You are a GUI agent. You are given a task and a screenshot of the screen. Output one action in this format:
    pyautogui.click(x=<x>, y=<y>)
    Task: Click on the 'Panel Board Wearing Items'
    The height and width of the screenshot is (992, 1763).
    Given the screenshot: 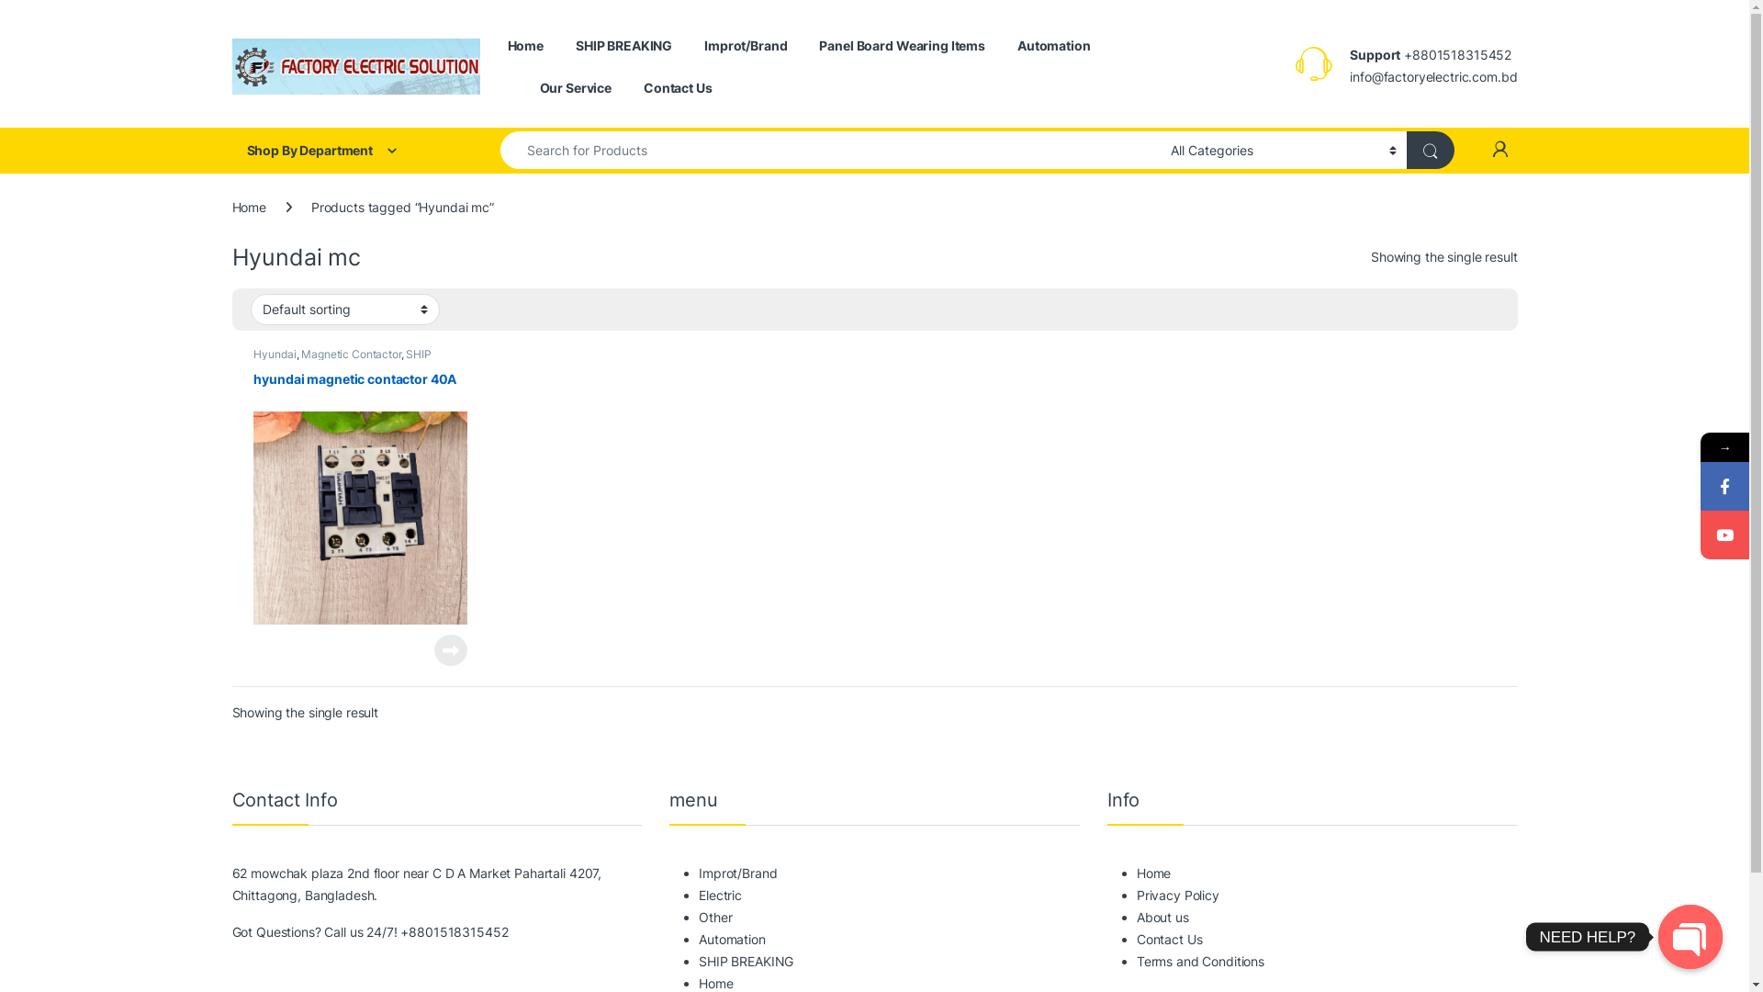 What is the action you would take?
    pyautogui.click(x=902, y=45)
    